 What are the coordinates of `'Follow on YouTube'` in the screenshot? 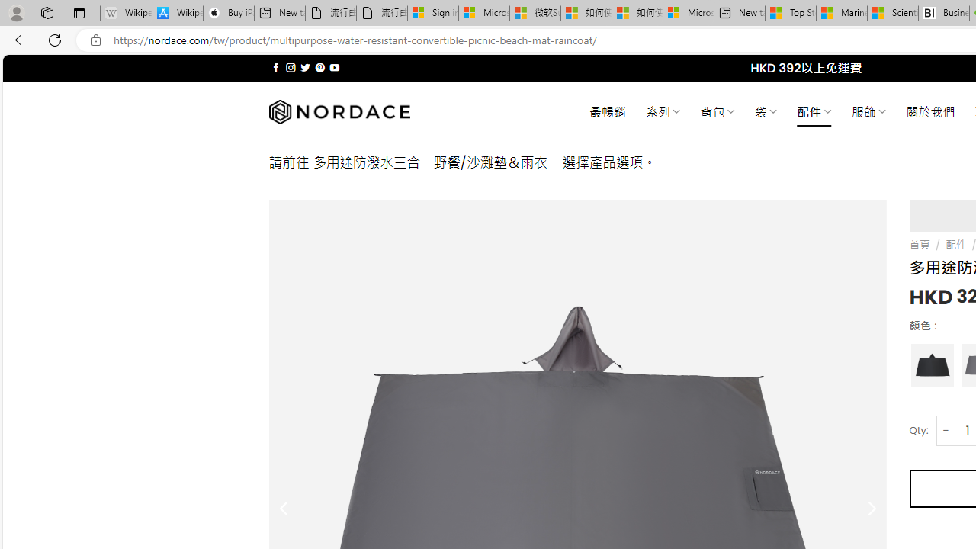 It's located at (334, 67).